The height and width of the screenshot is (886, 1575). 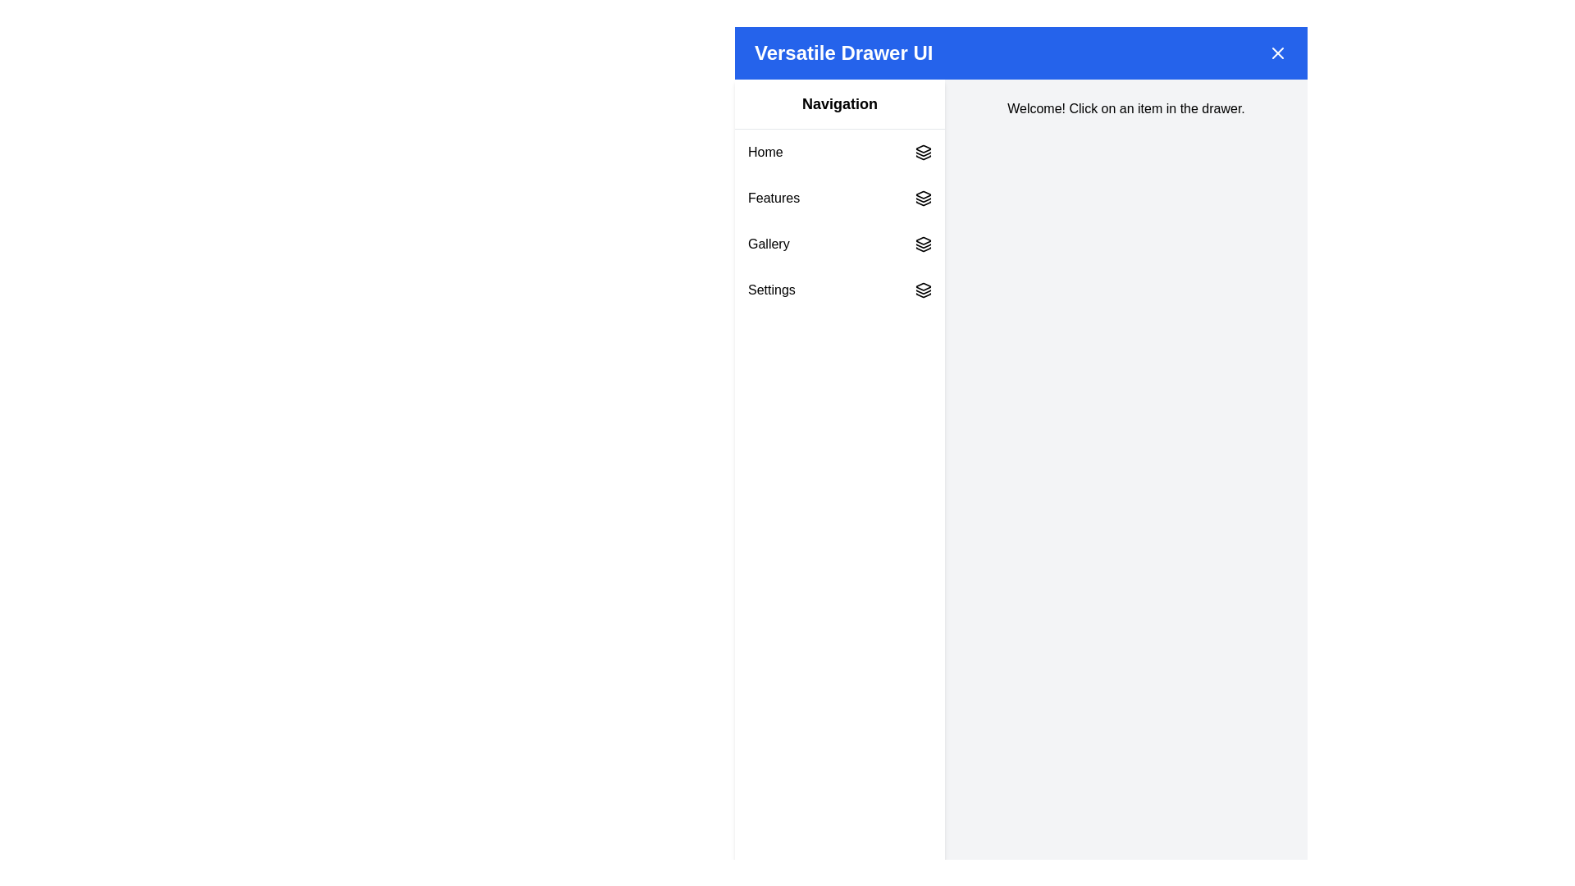 I want to click on the close or cancel button represented by the SVG icon located at the top-right corner of the interface to trigger associated actions, so click(x=1277, y=53).